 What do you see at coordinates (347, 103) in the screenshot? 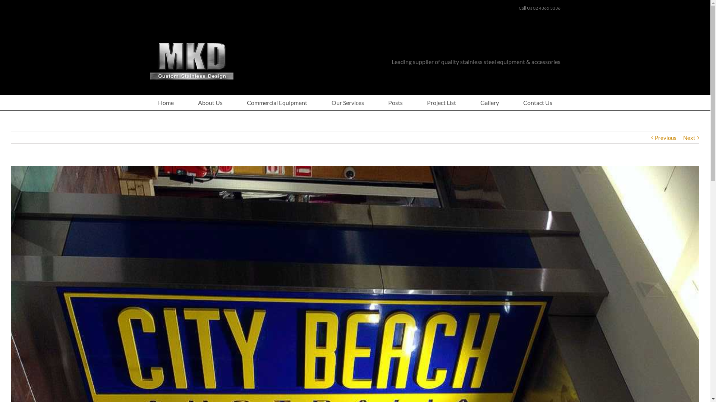
I see `'Our Services'` at bounding box center [347, 103].